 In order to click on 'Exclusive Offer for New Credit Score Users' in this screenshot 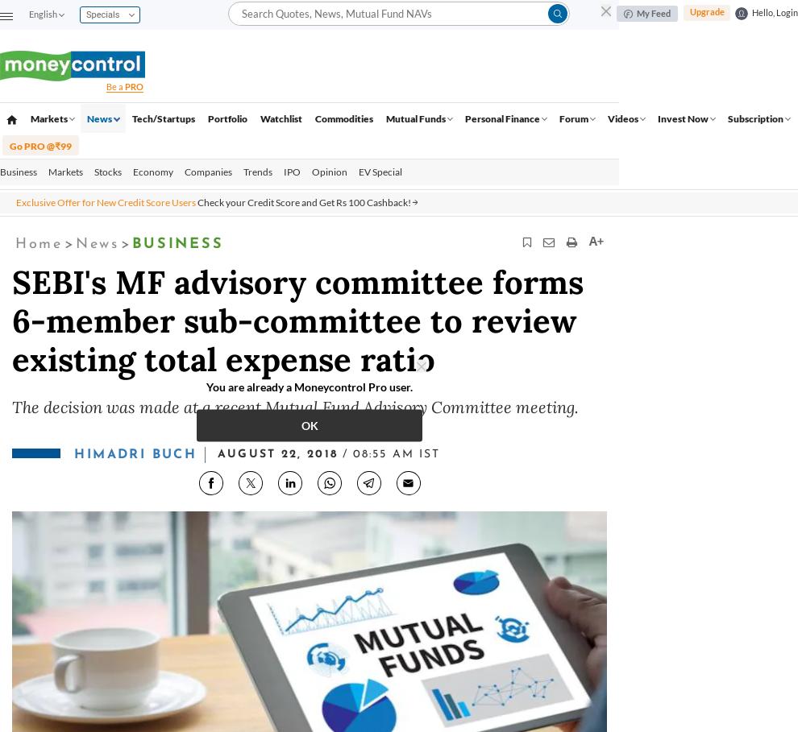, I will do `click(106, 202)`.